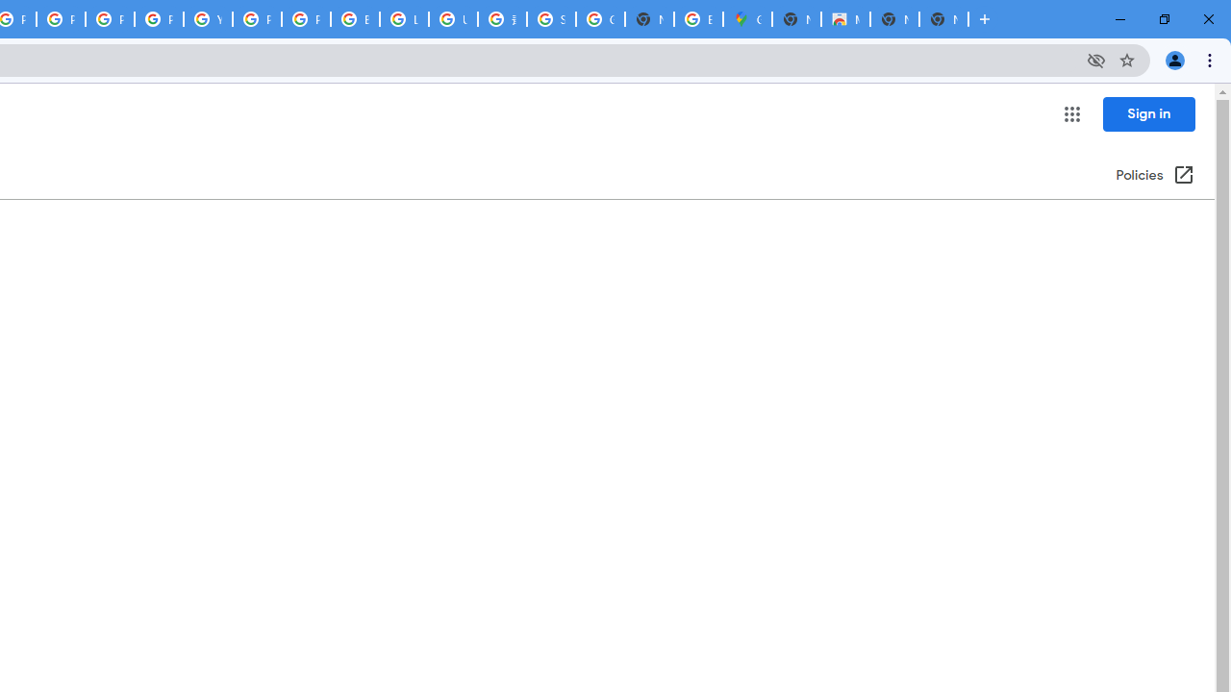 The width and height of the screenshot is (1231, 692). Describe the element at coordinates (698, 19) in the screenshot. I see `'Explore new street-level details - Google Maps Help'` at that location.